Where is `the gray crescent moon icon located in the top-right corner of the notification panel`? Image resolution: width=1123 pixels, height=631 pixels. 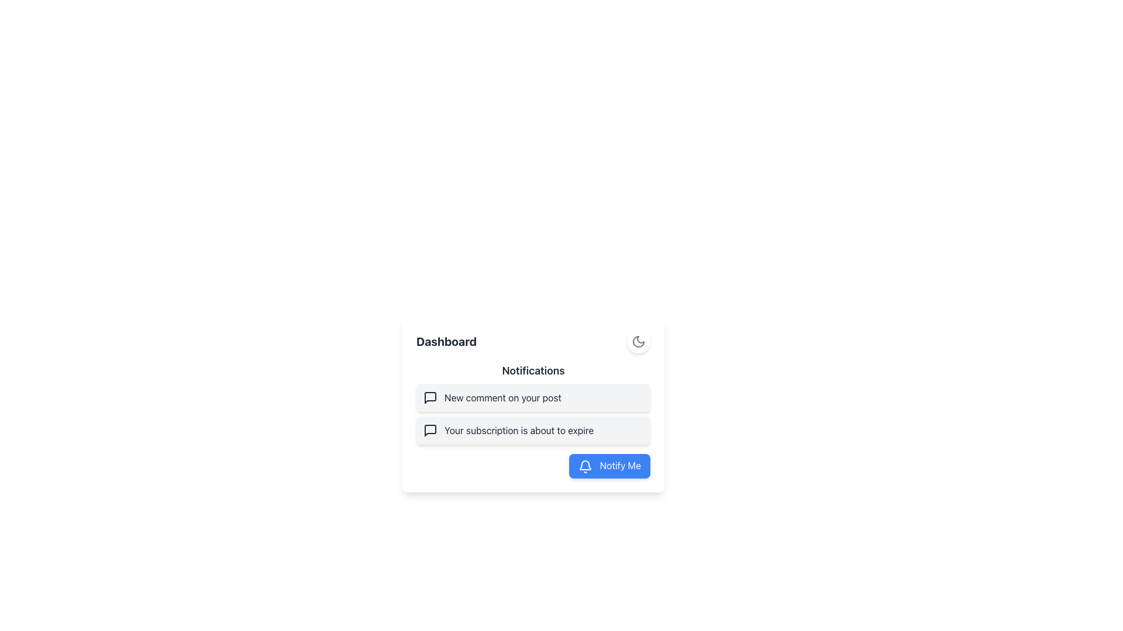
the gray crescent moon icon located in the top-right corner of the notification panel is located at coordinates (638, 342).